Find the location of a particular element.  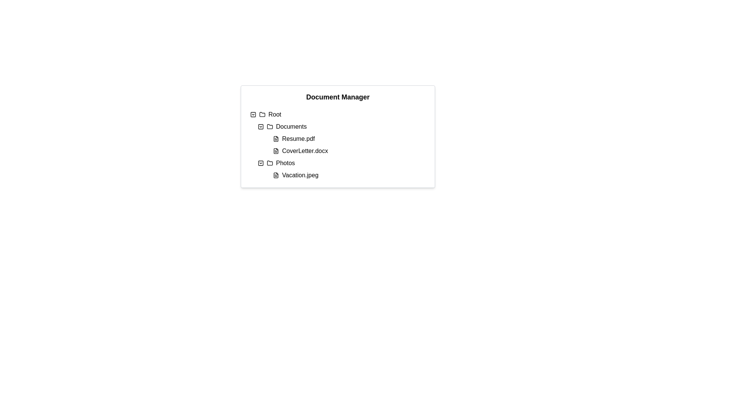

the static text label displaying 'Resume.pdf' is located at coordinates (298, 139).